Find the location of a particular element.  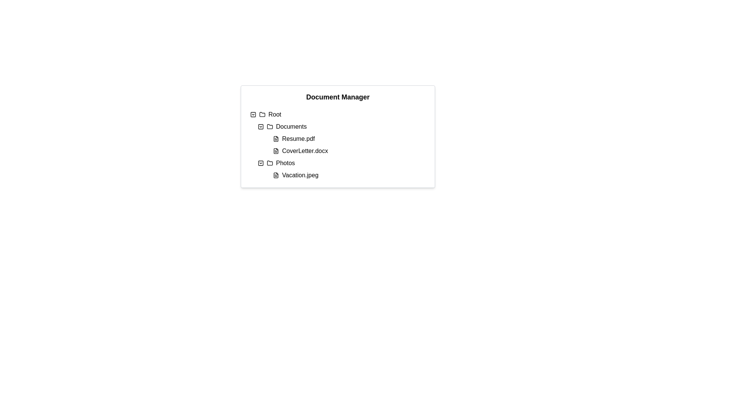

the static text label displaying 'Resume.pdf' is located at coordinates (298, 139).